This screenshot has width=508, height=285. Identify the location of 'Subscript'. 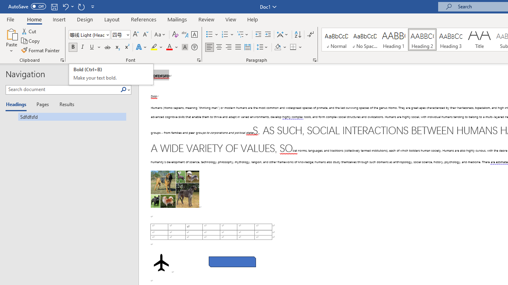
(117, 47).